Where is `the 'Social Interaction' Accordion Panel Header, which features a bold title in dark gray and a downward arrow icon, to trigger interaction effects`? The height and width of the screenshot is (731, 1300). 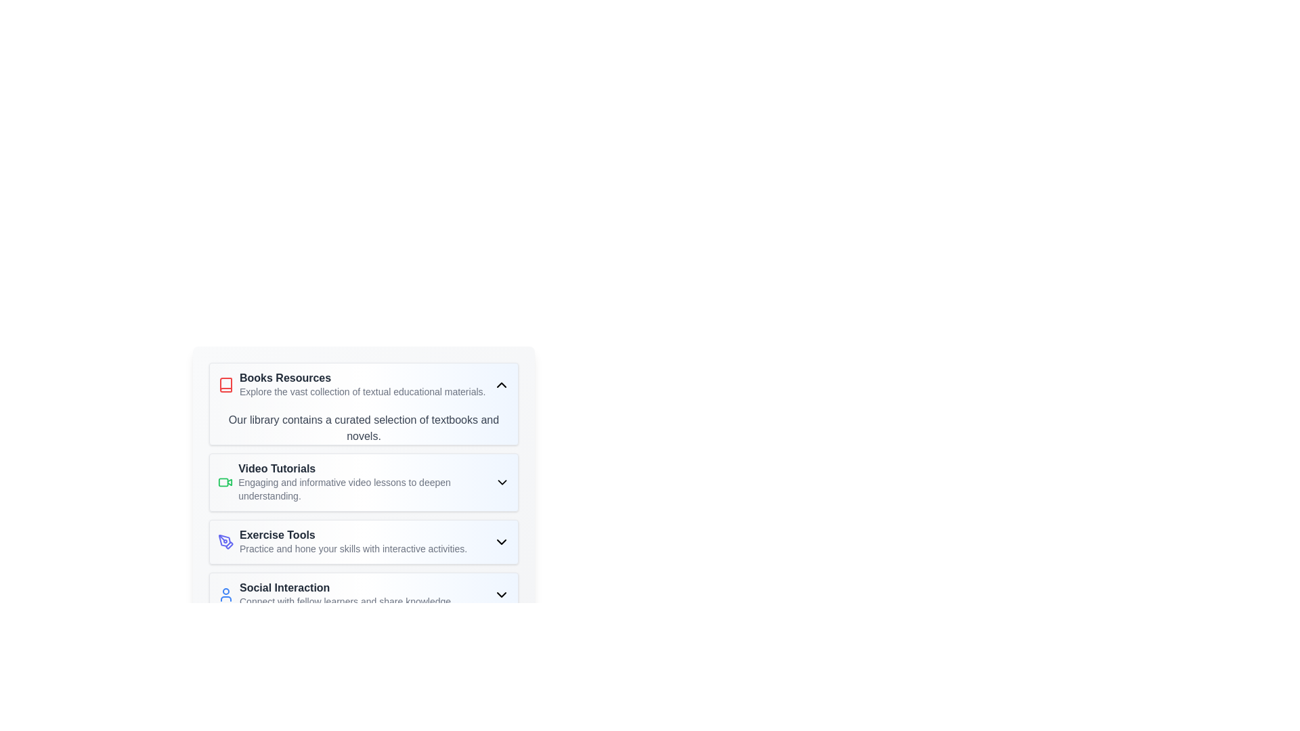
the 'Social Interaction' Accordion Panel Header, which features a bold title in dark gray and a downward arrow icon, to trigger interaction effects is located at coordinates (364, 594).